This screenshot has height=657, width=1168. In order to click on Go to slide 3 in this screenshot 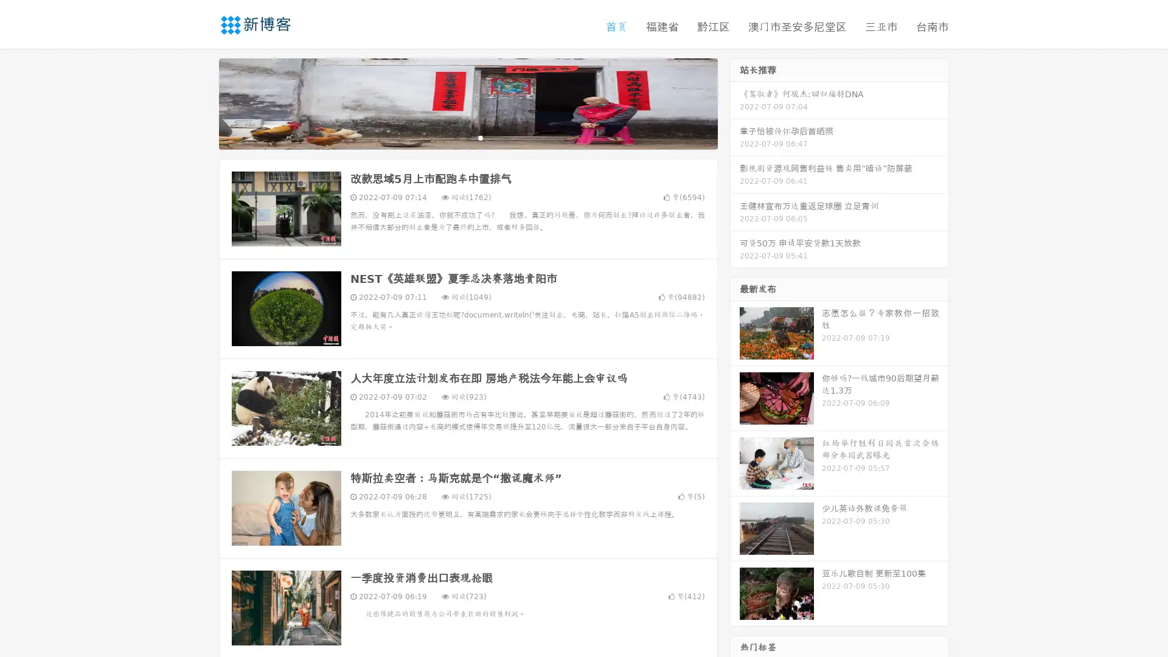, I will do `click(480, 137)`.